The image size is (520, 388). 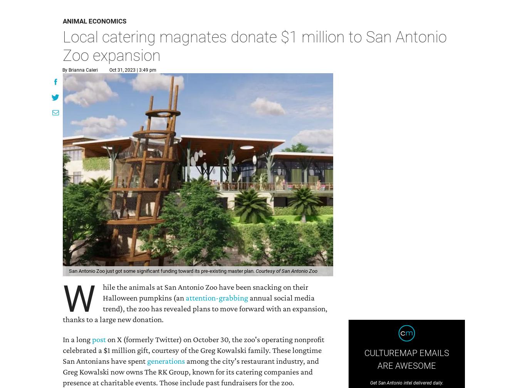 What do you see at coordinates (195, 307) in the screenshot?
I see `'annual social media trend), the zoo has revealed plans to move forward with an expansion, thanks to a large new donation.'` at bounding box center [195, 307].